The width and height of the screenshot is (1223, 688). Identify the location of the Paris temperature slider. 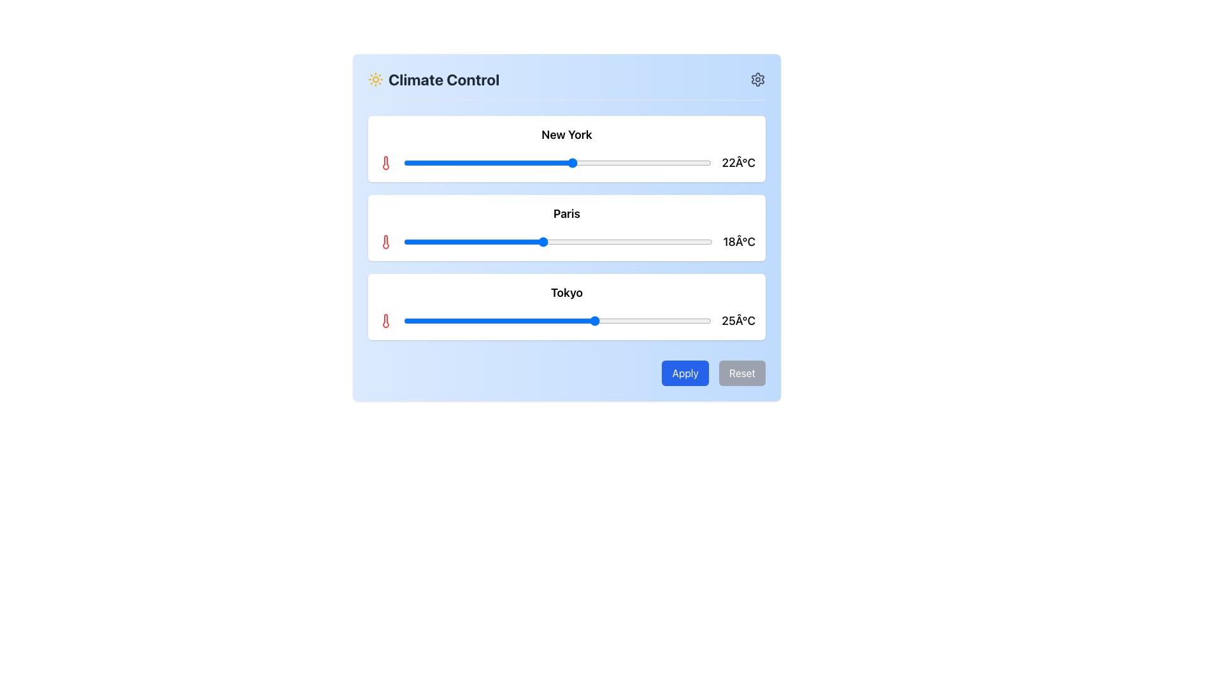
(604, 242).